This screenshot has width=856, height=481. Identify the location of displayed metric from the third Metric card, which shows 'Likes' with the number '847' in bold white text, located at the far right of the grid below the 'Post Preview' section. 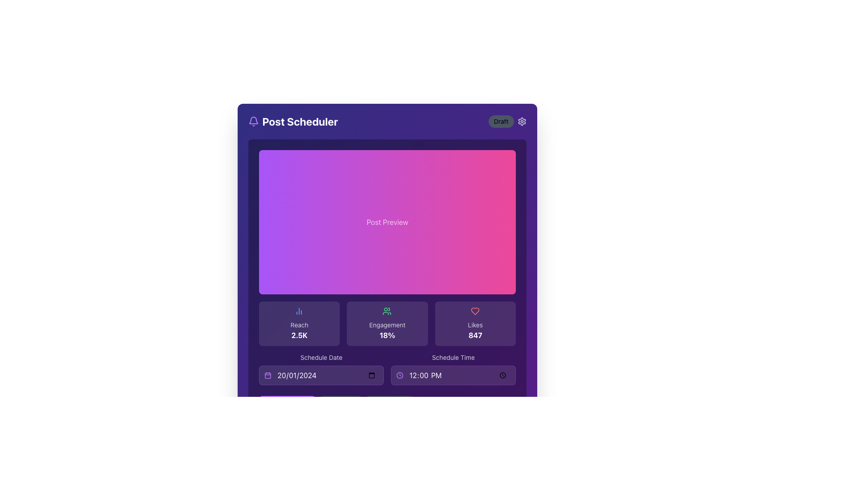
(474, 323).